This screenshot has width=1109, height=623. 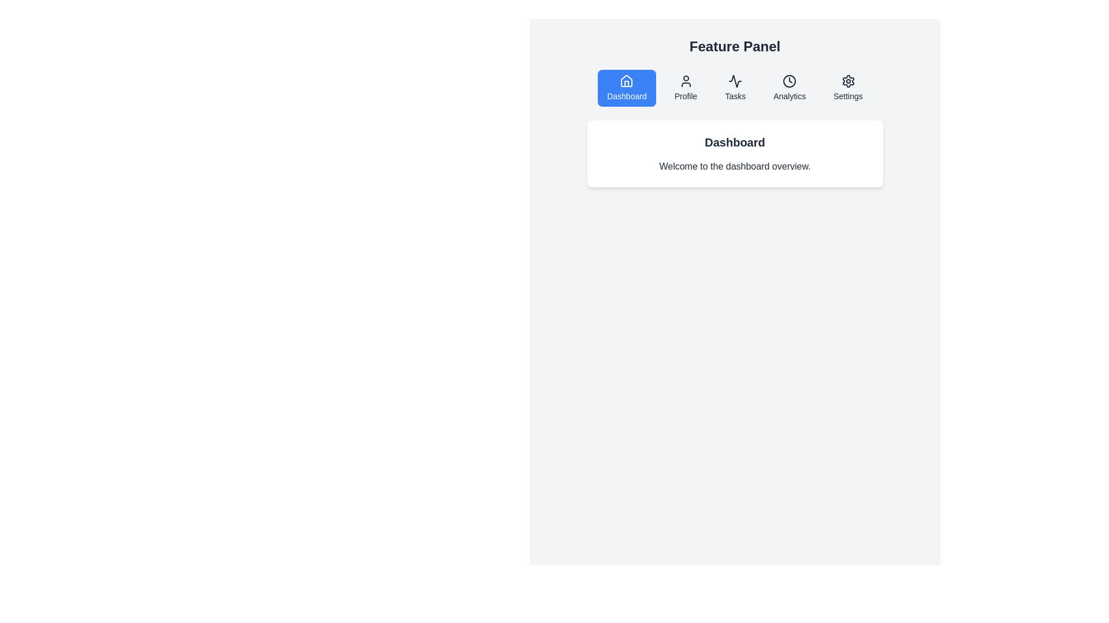 What do you see at coordinates (735, 88) in the screenshot?
I see `the 'Tasks' button, which is the third item in the horizontal navigation bar, featuring a waveform icon and the label 'Tasks'` at bounding box center [735, 88].